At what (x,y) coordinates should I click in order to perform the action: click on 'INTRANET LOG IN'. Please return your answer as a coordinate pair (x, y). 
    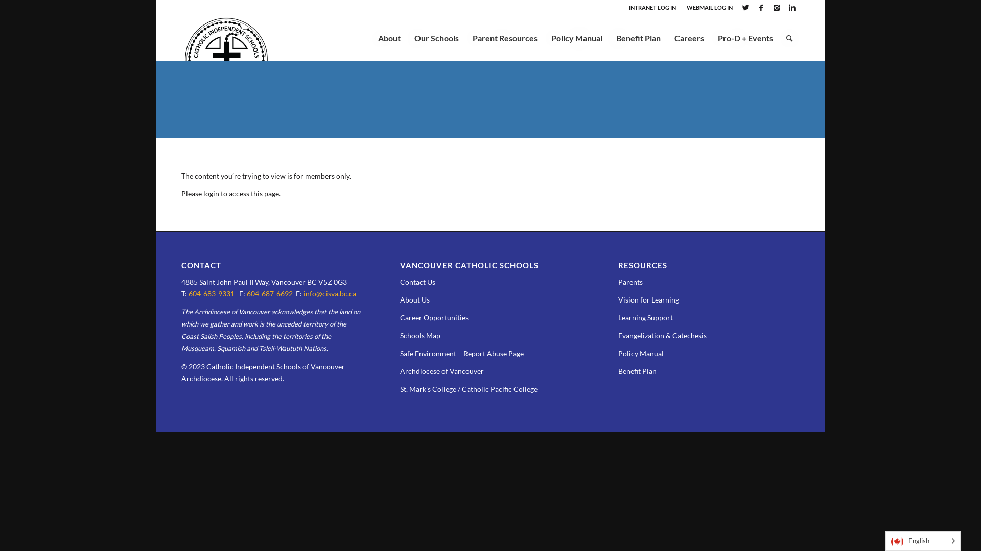
    Looking at the image, I should click on (628, 7).